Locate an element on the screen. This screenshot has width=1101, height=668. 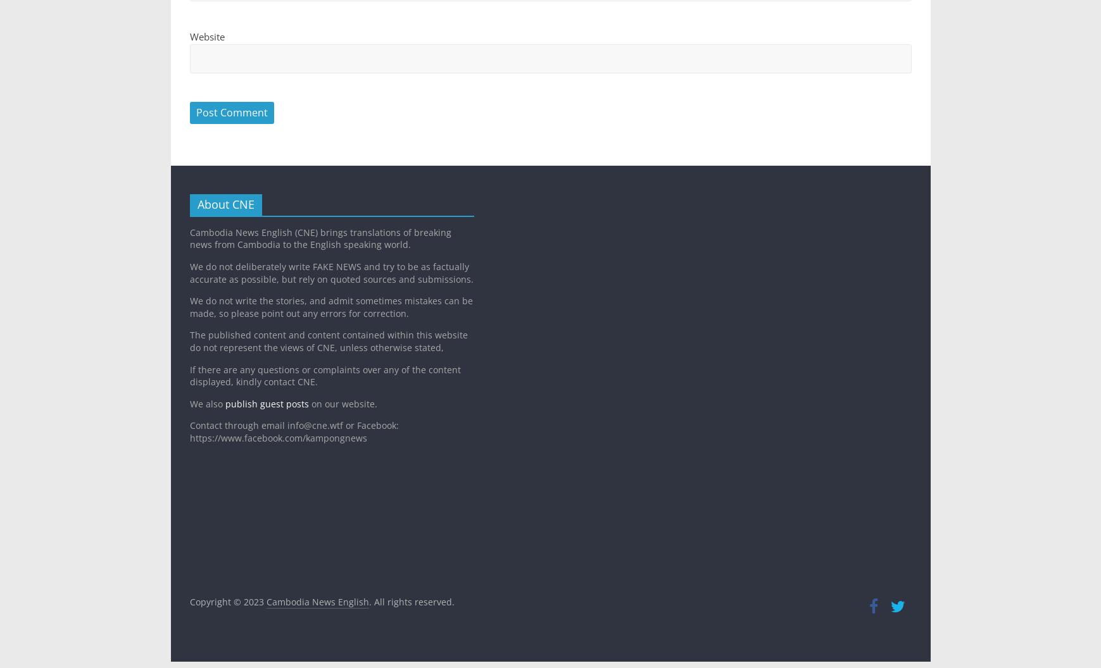
'publish guest posts' is located at coordinates (267, 402).